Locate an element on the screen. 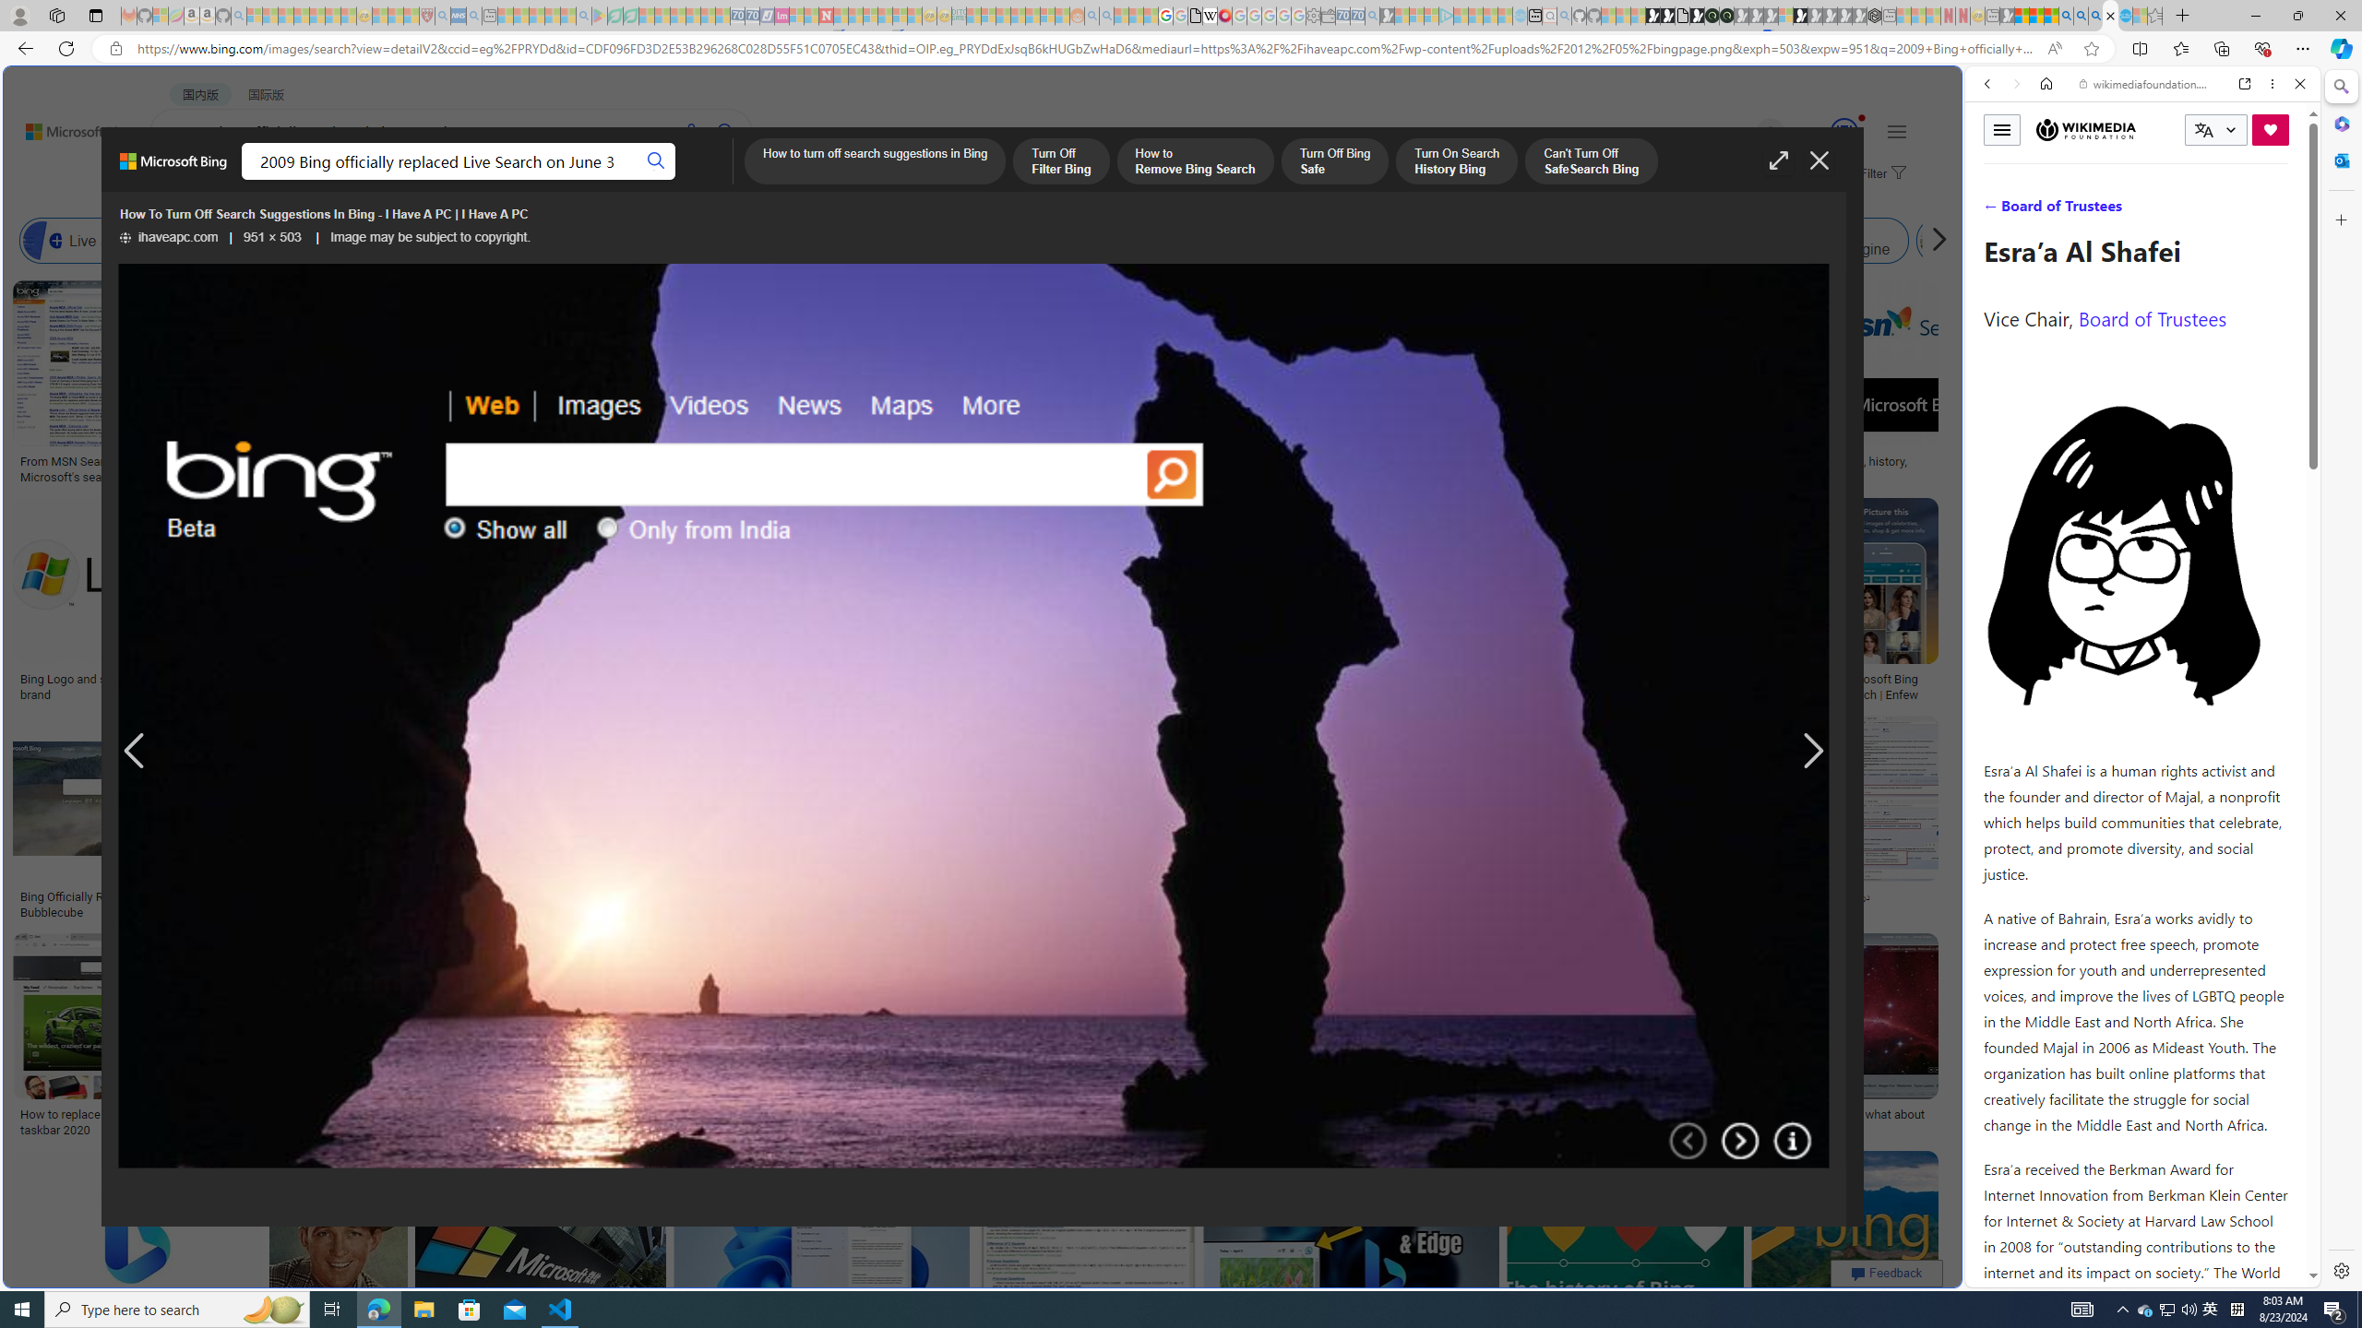  'Back to Bing search' is located at coordinates (67, 126).